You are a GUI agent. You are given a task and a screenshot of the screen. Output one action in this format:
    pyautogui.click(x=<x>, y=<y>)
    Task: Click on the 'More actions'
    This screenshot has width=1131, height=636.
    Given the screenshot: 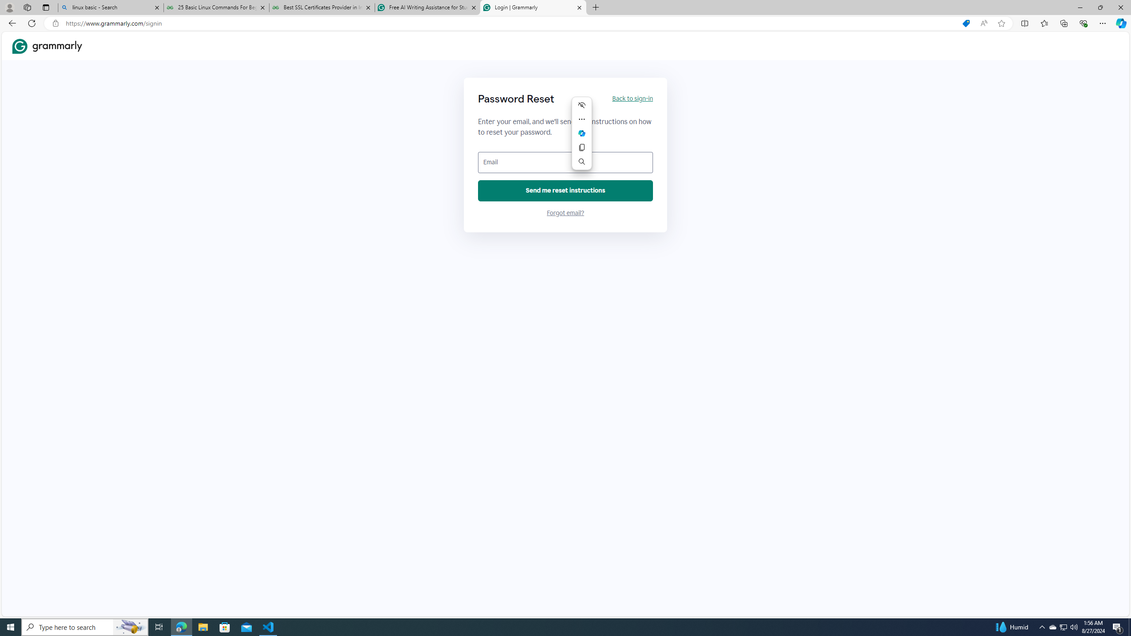 What is the action you would take?
    pyautogui.click(x=581, y=119)
    